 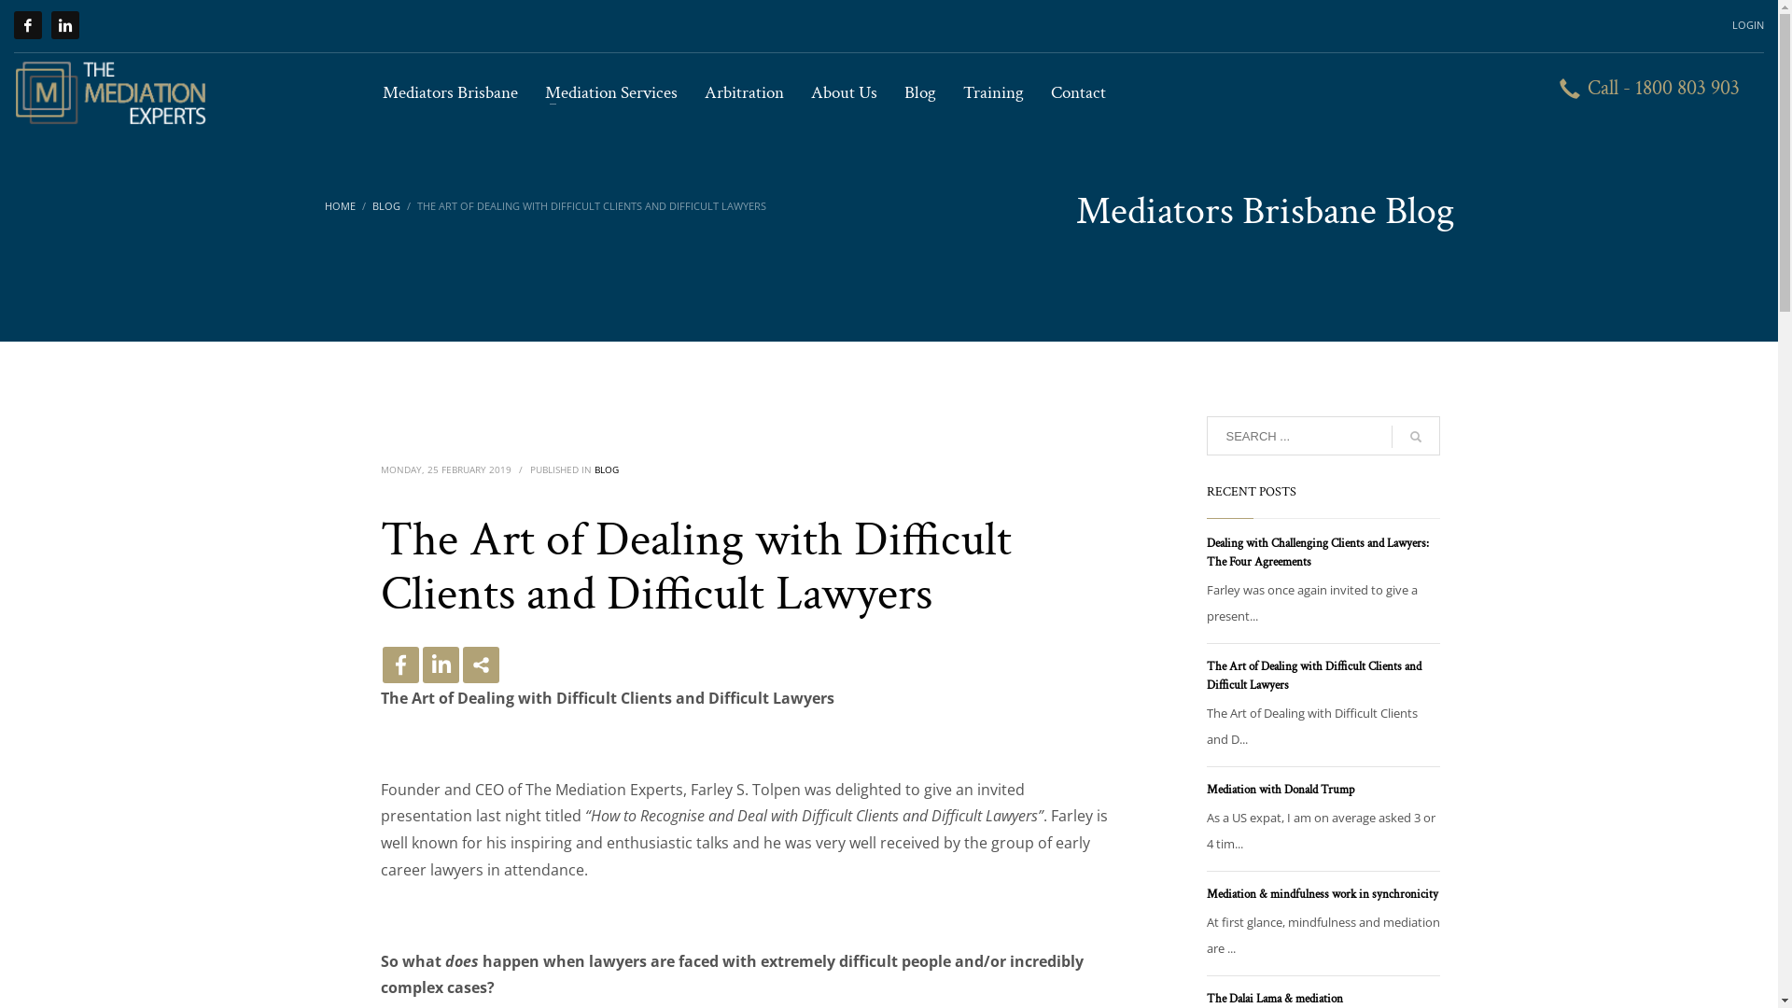 I want to click on 'Call - 1800 803 903', so click(x=1649, y=92).